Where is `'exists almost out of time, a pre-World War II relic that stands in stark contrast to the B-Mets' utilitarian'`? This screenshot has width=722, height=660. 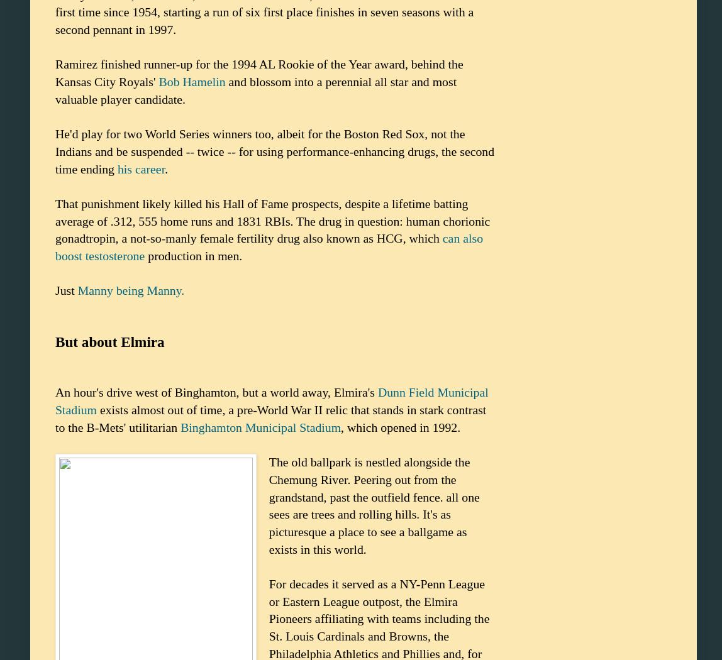 'exists almost out of time, a pre-World War II relic that stands in stark contrast to the B-Mets' utilitarian' is located at coordinates (55, 417).